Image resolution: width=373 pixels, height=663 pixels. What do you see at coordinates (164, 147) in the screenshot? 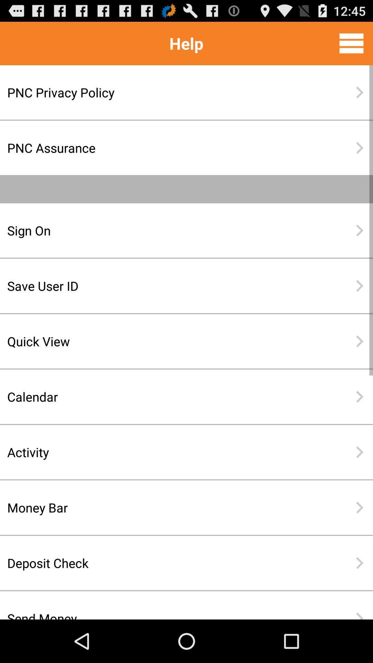
I see `pnc assurance icon` at bounding box center [164, 147].